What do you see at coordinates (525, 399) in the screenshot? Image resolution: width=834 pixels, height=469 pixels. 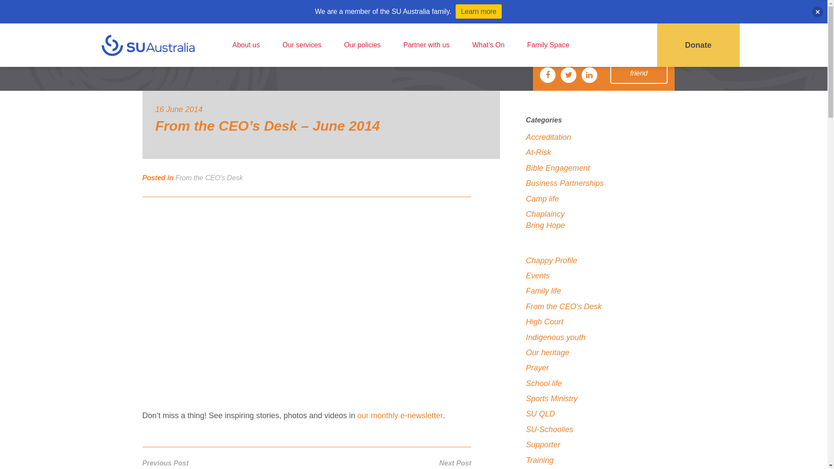 I see `'Sports Ministry'` at bounding box center [525, 399].